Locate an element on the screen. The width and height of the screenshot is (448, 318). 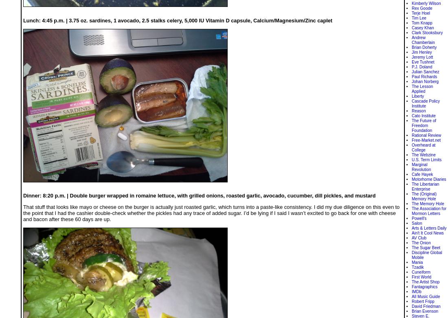
'Johan Norberg' is located at coordinates (411, 81).